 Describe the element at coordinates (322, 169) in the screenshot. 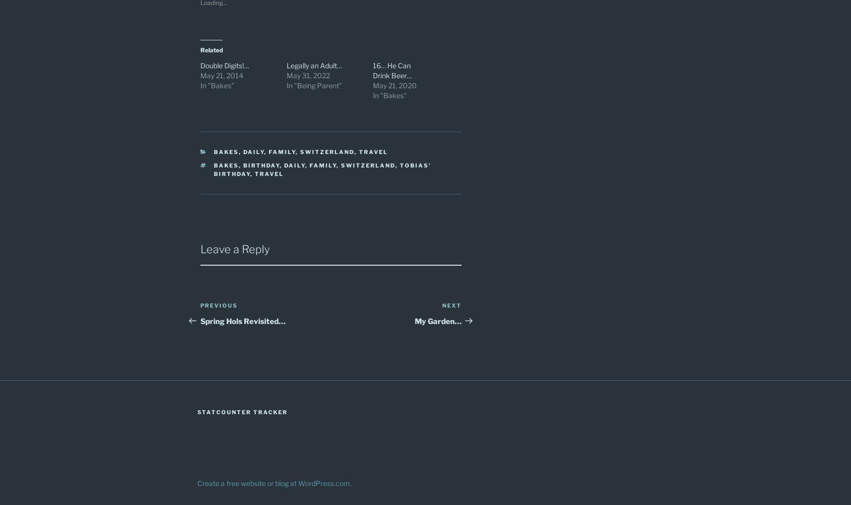

I see `'Tobias' Birthday'` at that location.